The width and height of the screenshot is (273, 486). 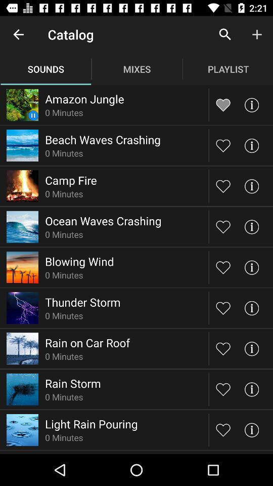 What do you see at coordinates (223, 388) in the screenshot?
I see `like sound` at bounding box center [223, 388].